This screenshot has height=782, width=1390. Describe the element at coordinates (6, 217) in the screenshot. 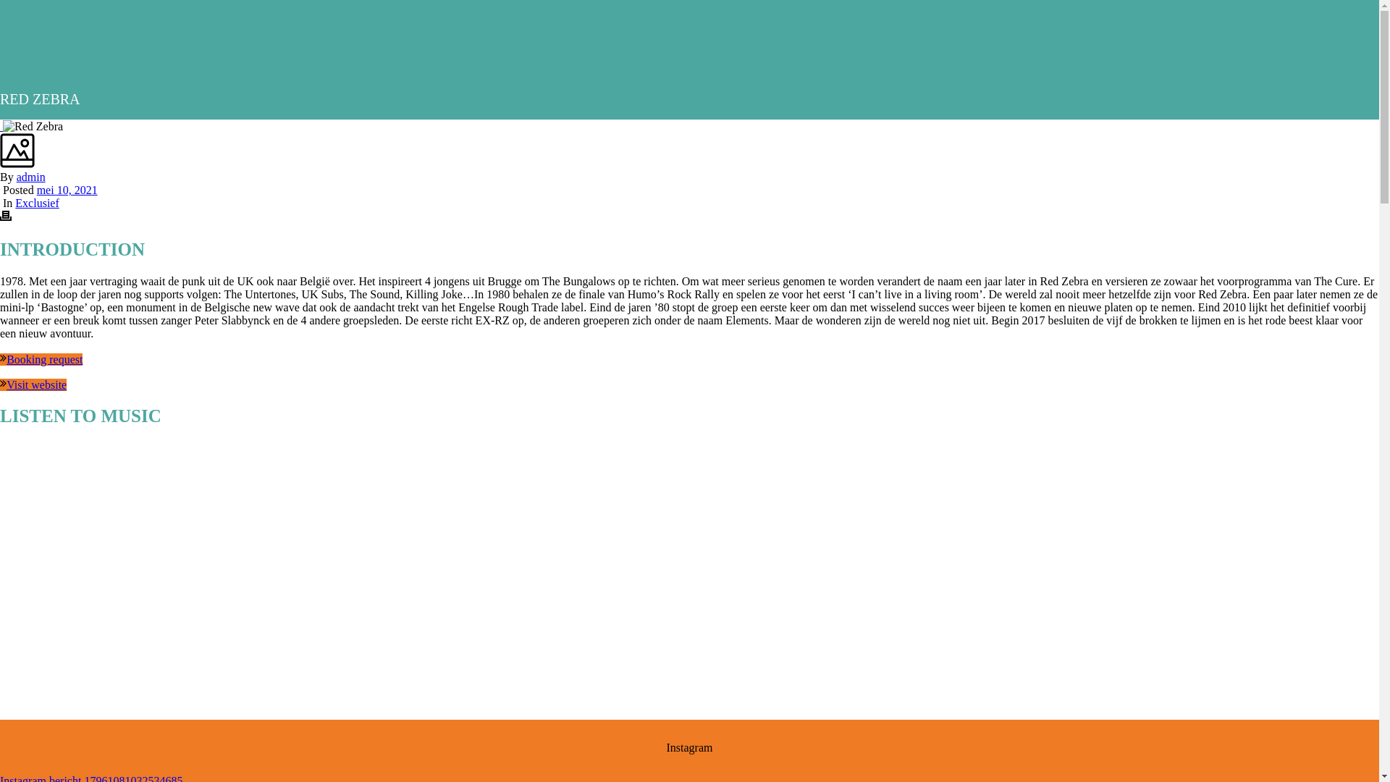

I see `'Print'` at that location.